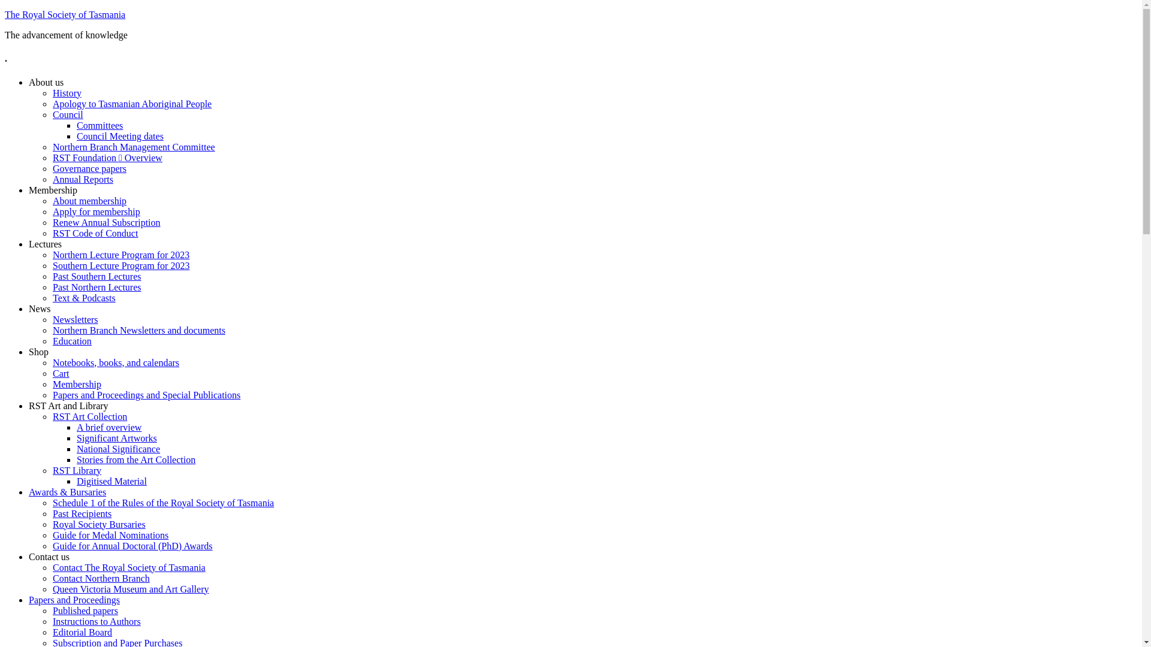  I want to click on 'Guide for Medal Nominations', so click(110, 534).